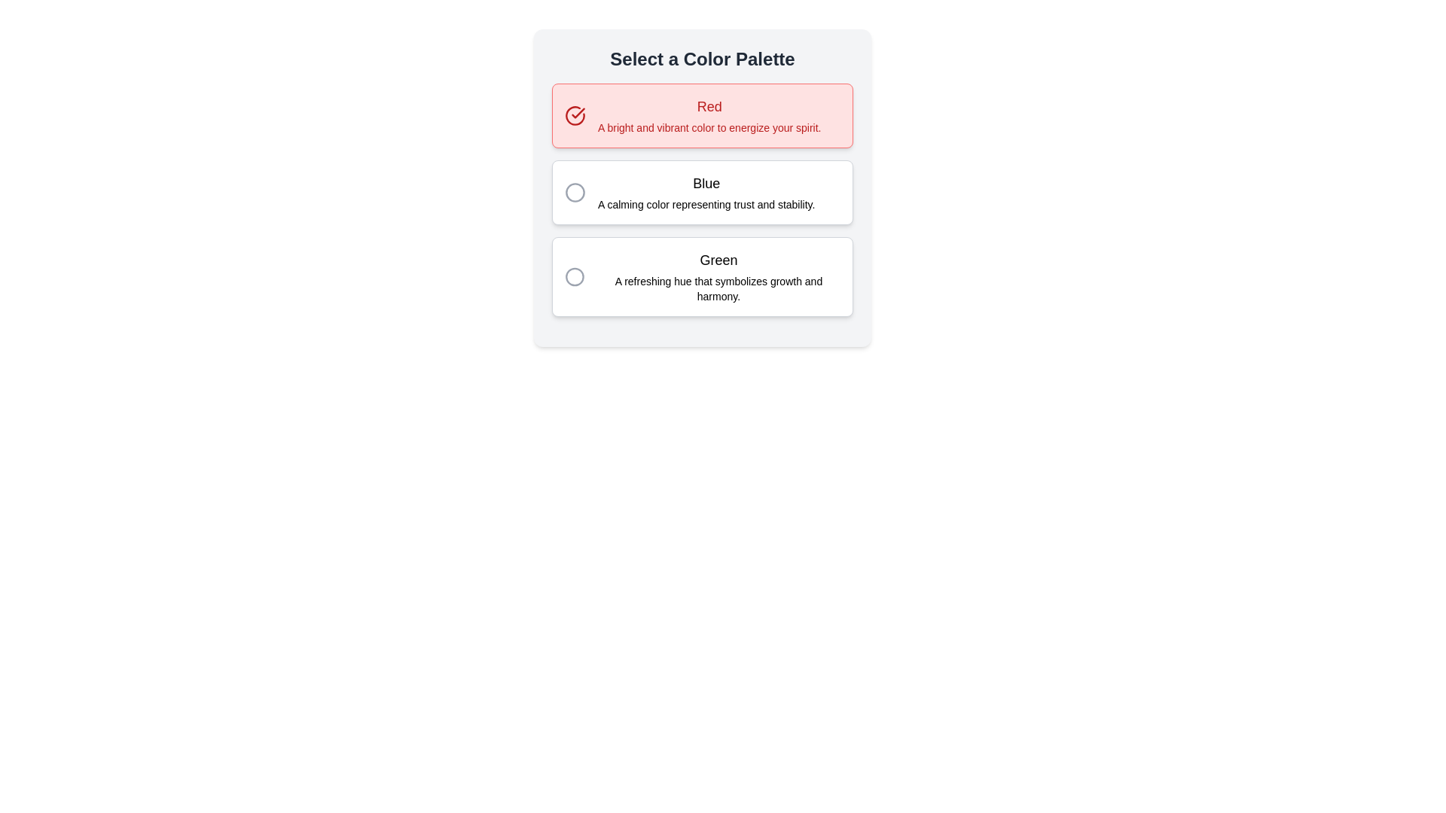  I want to click on text label for the 'Red' selection card located in the first selection card under the header 'Select a Color Palette', so click(709, 106).